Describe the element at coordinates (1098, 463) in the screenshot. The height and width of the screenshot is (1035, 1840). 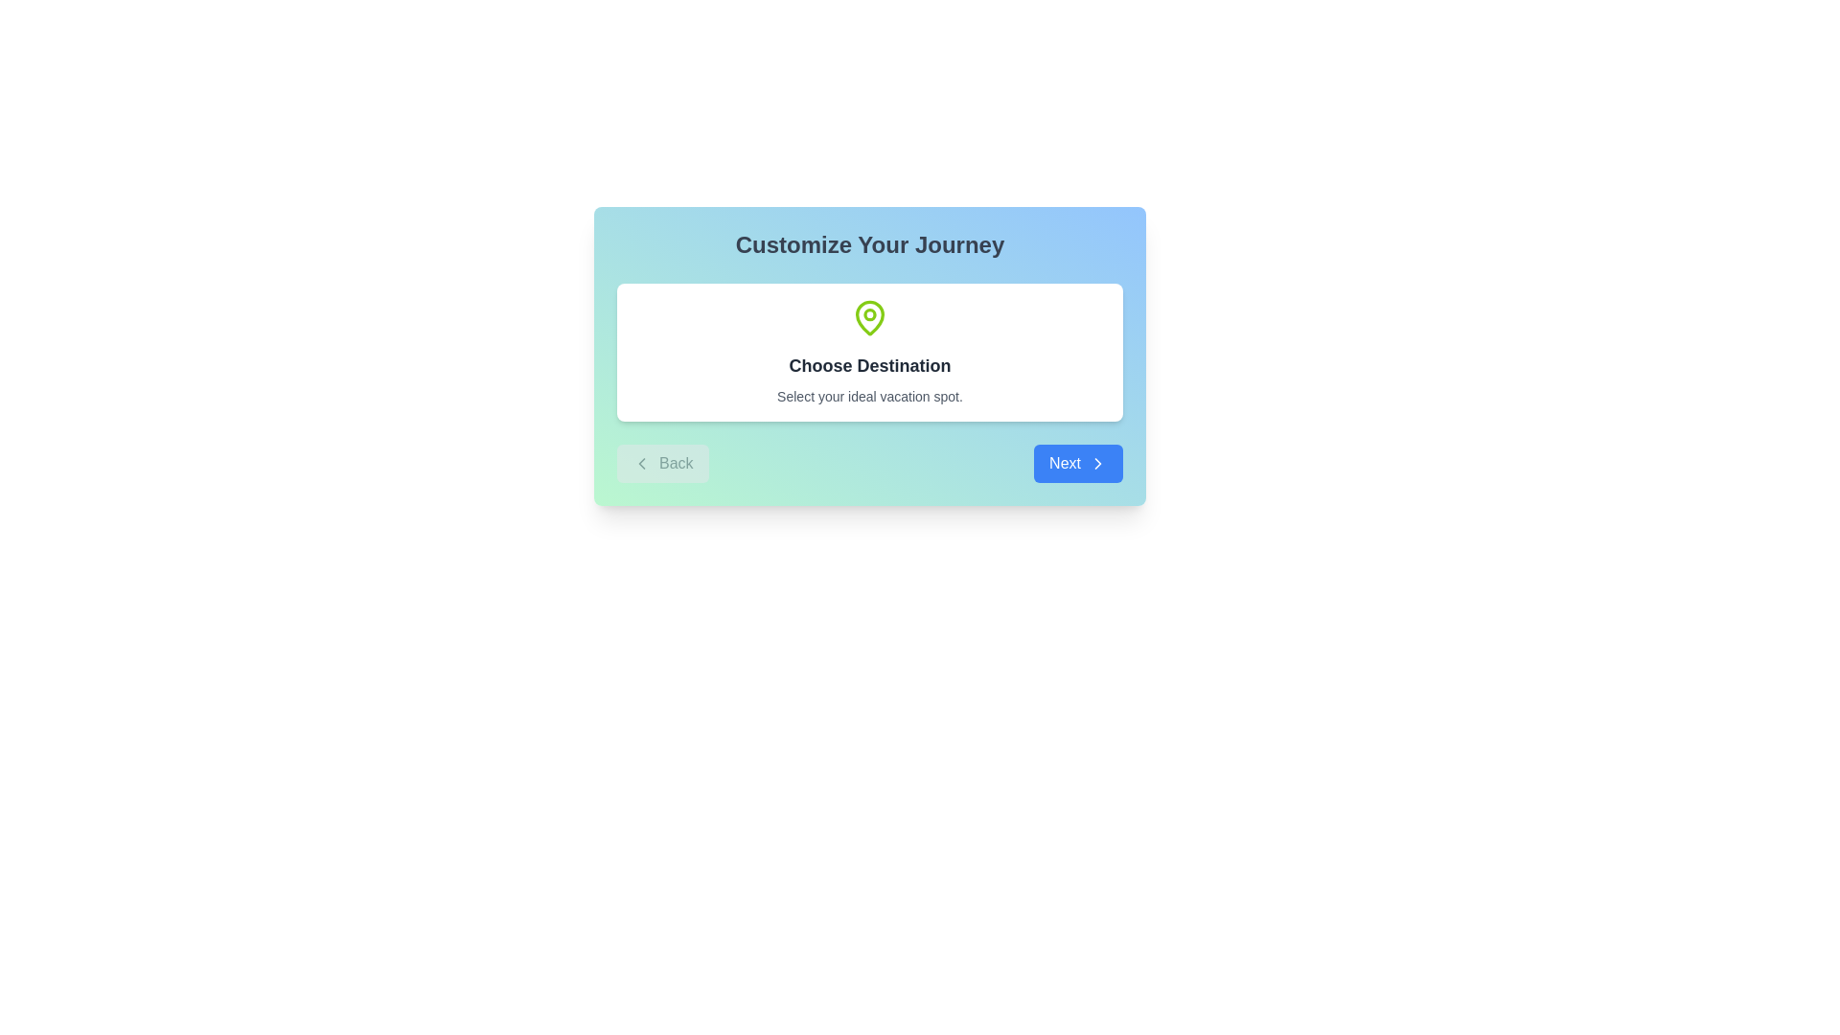
I see `the forward navigation icon located at the far right of the 'Next' button in the bottom-right corner of the interface` at that location.